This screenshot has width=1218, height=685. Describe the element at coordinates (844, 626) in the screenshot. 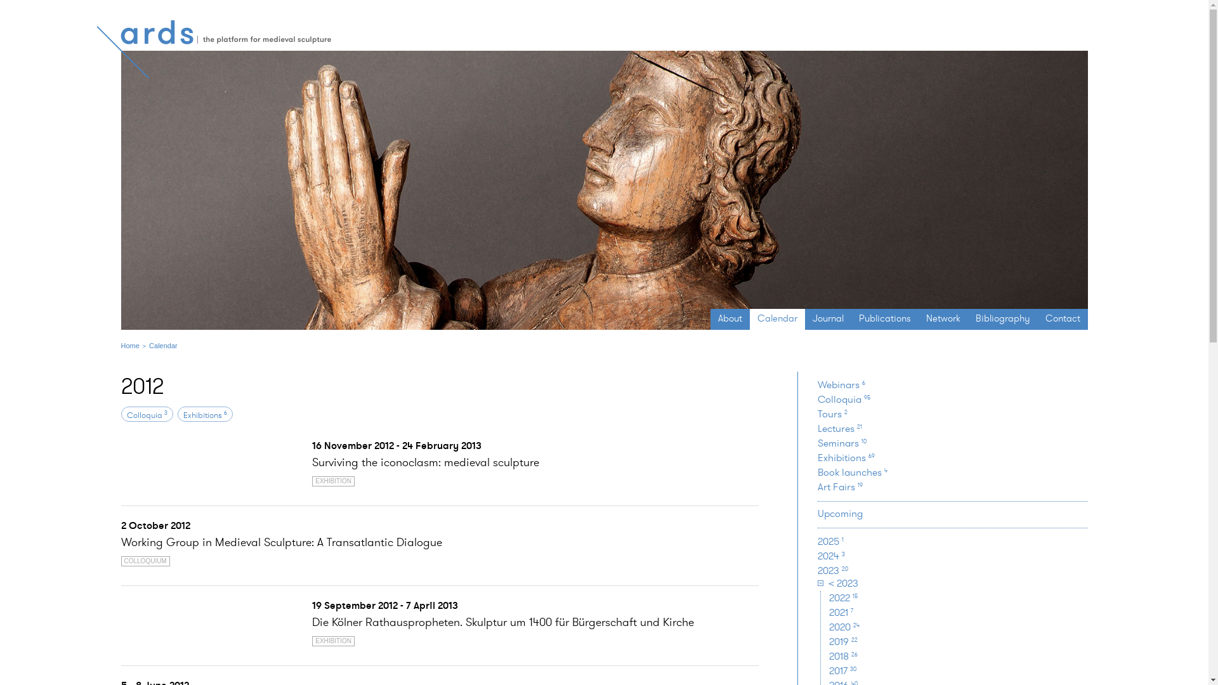

I see `'2020 24'` at that location.